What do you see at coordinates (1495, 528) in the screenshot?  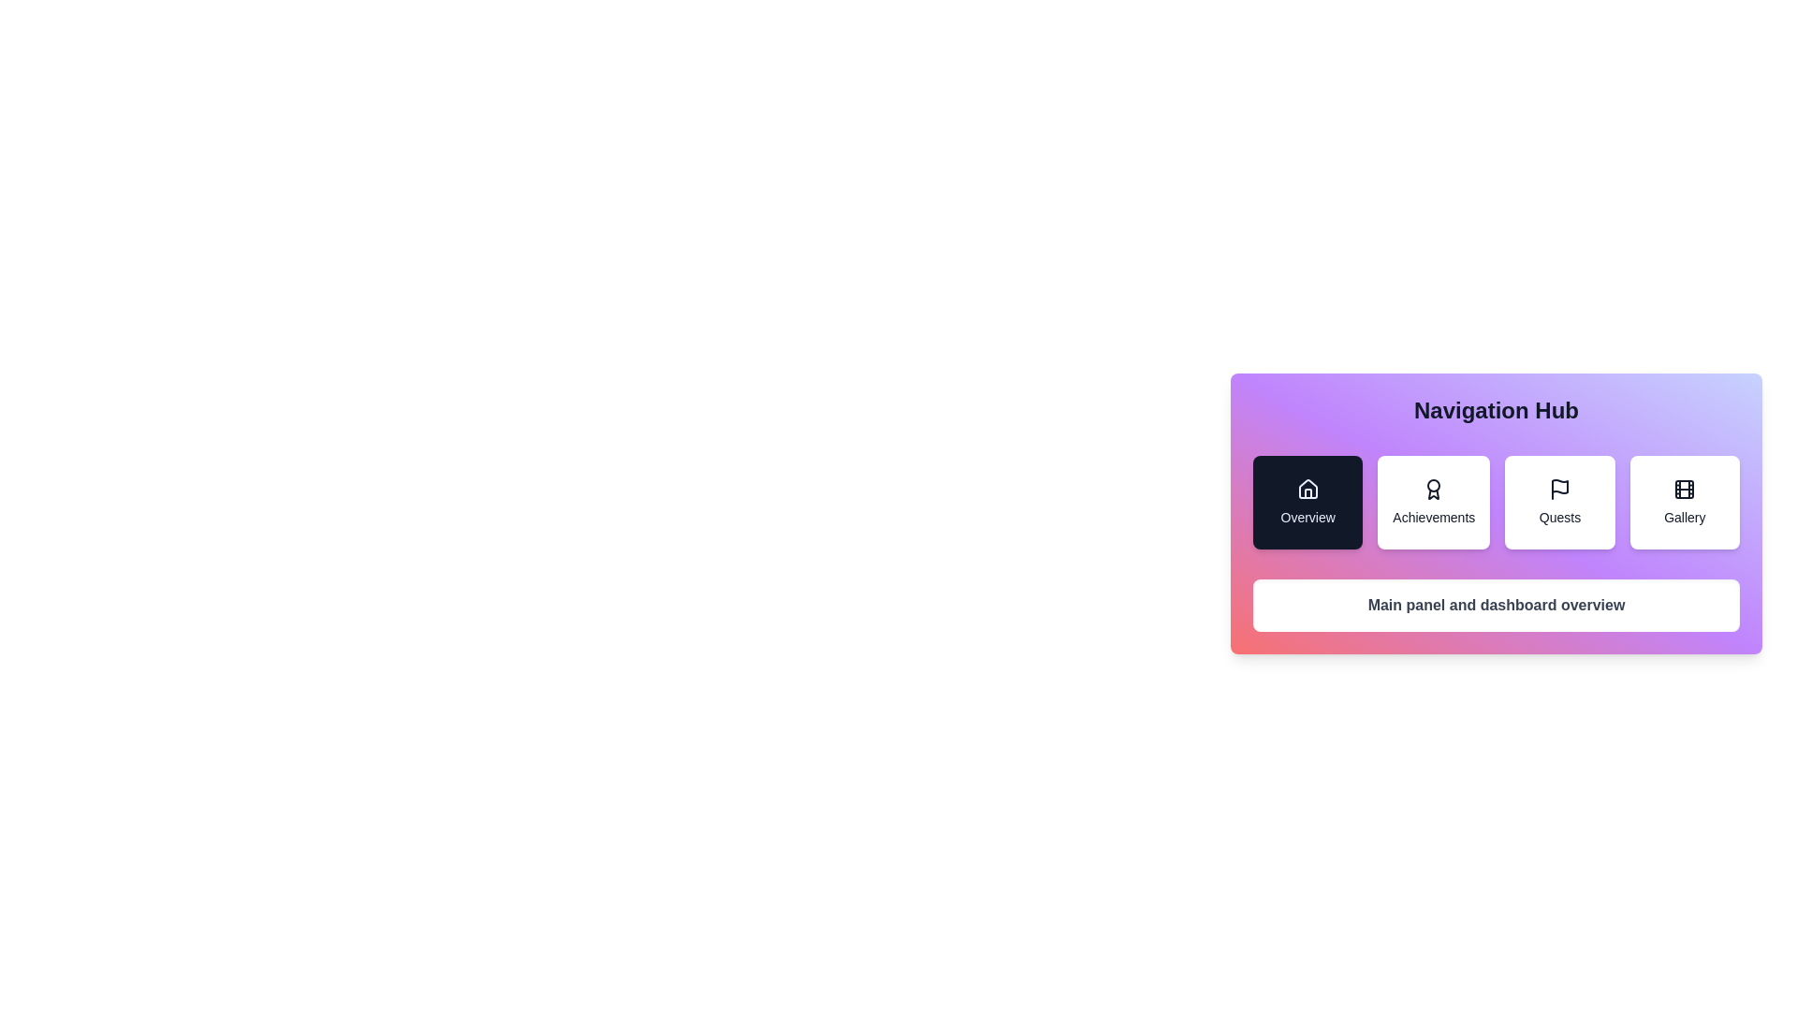 I see `any button within the centrally aligned navigation panel that provides access to sections like overview, achievements, quests, and gallery` at bounding box center [1495, 528].